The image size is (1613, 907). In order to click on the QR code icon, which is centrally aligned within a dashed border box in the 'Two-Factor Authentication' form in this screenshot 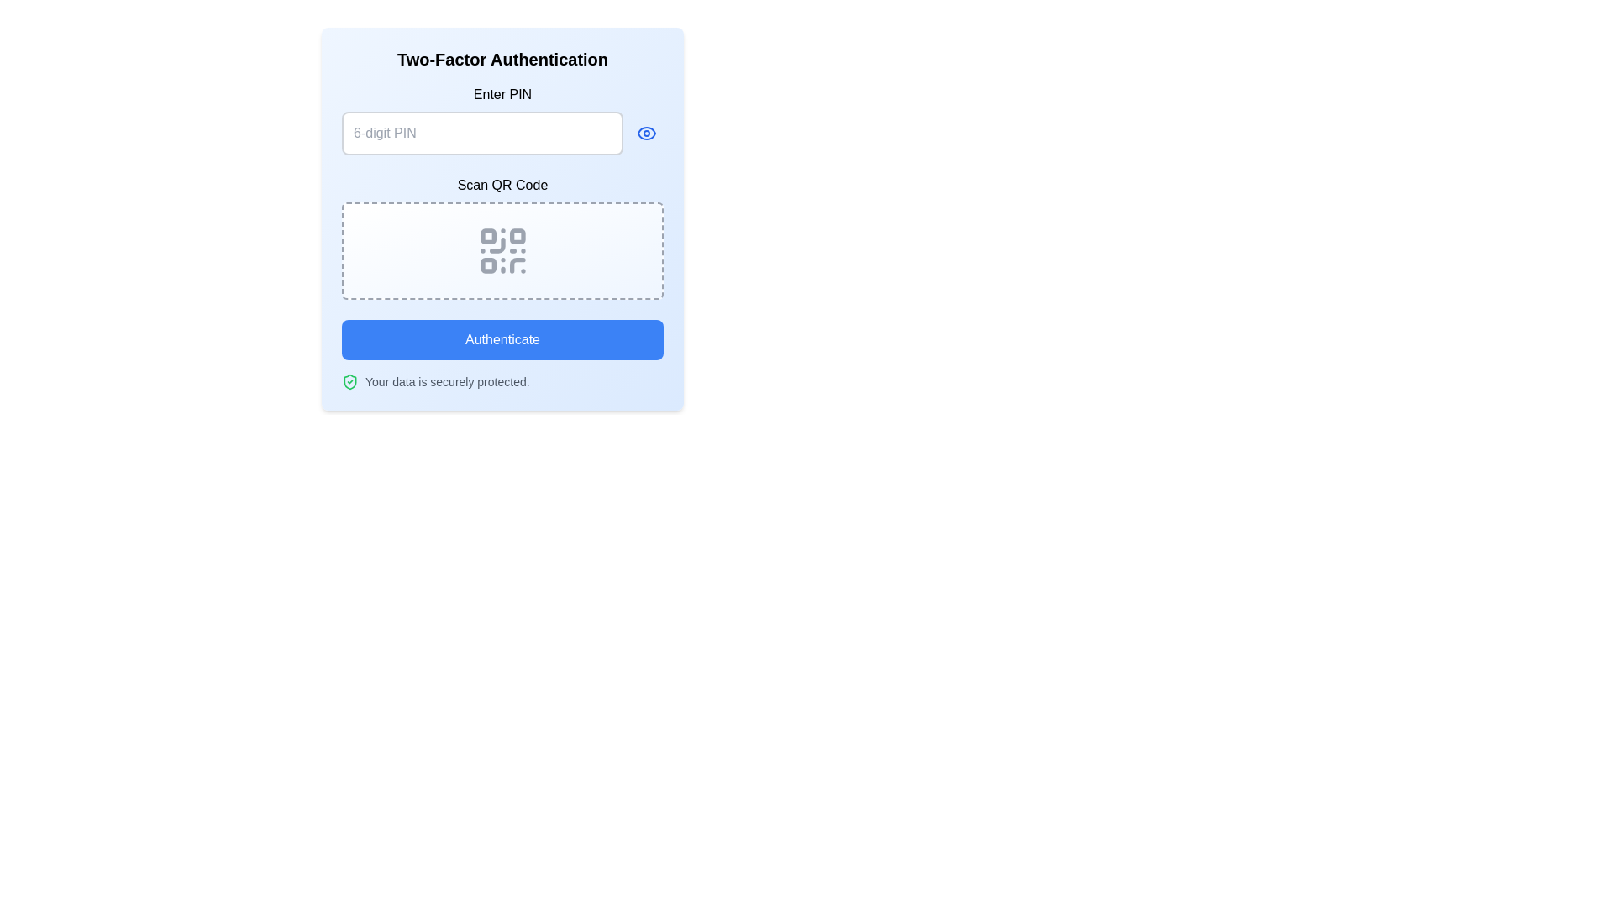, I will do `click(502, 251)`.